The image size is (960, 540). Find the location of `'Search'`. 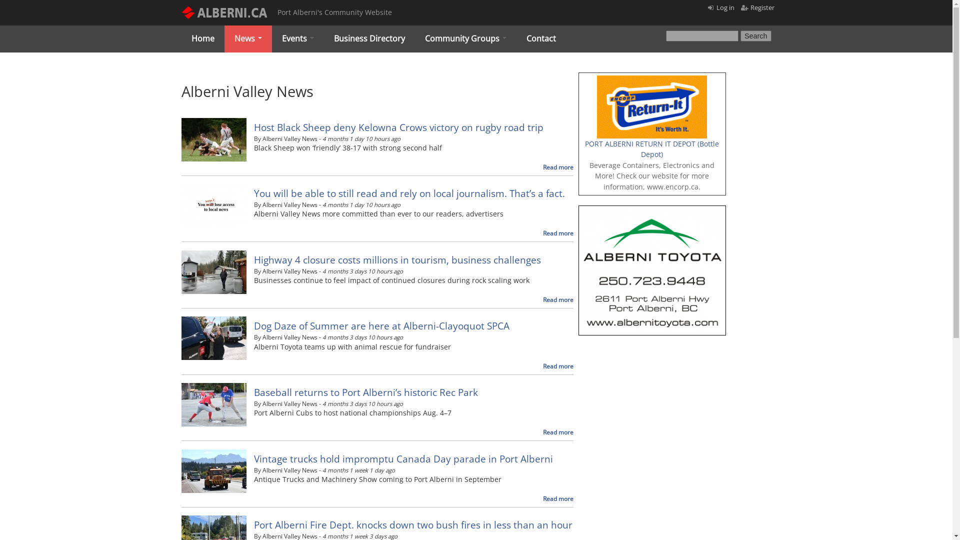

'Search' is located at coordinates (756, 35).